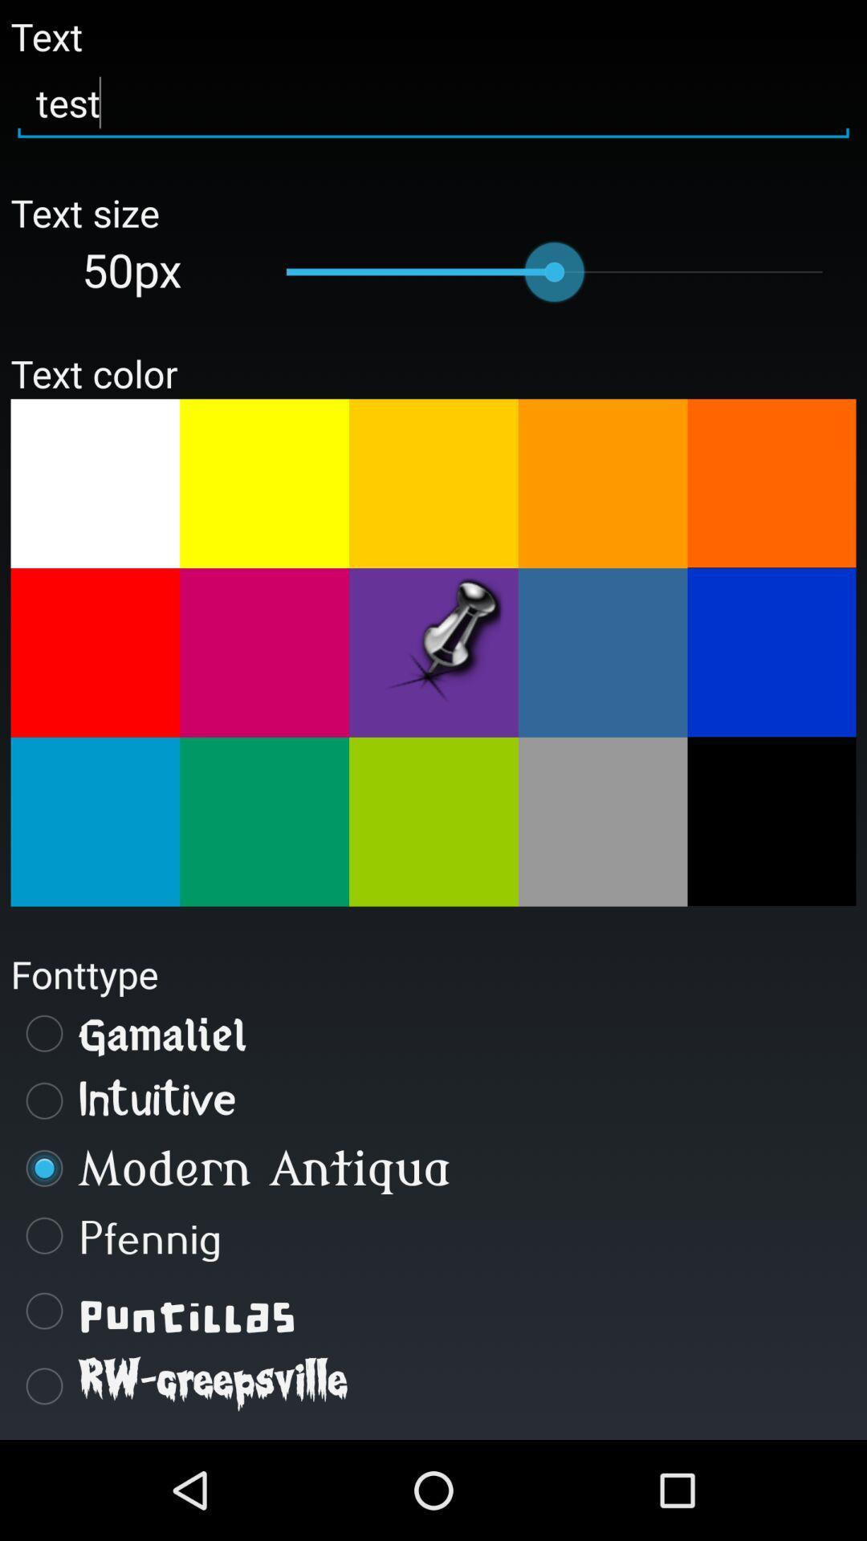  What do you see at coordinates (603, 822) in the screenshot?
I see `choose this color` at bounding box center [603, 822].